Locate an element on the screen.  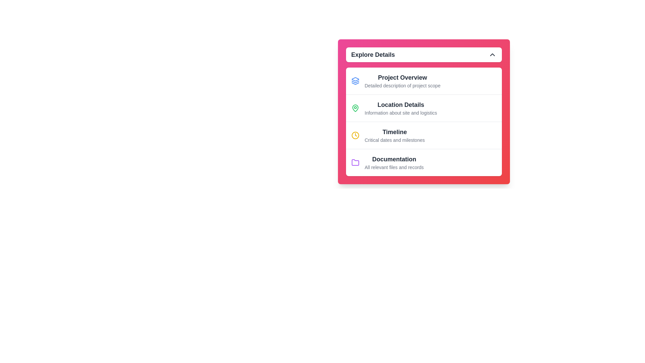
the second list item under the 'Explore Details' header is located at coordinates (423, 108).